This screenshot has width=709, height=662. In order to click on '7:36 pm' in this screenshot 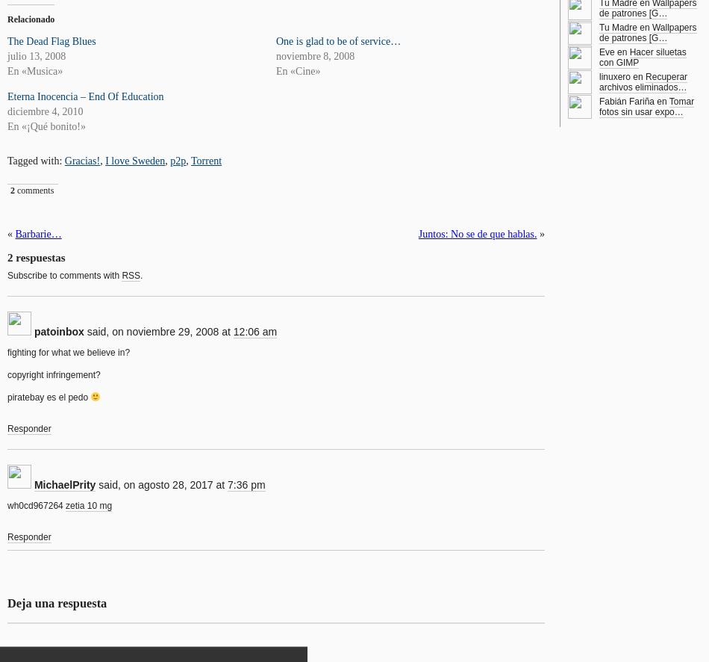, I will do `click(246, 484)`.